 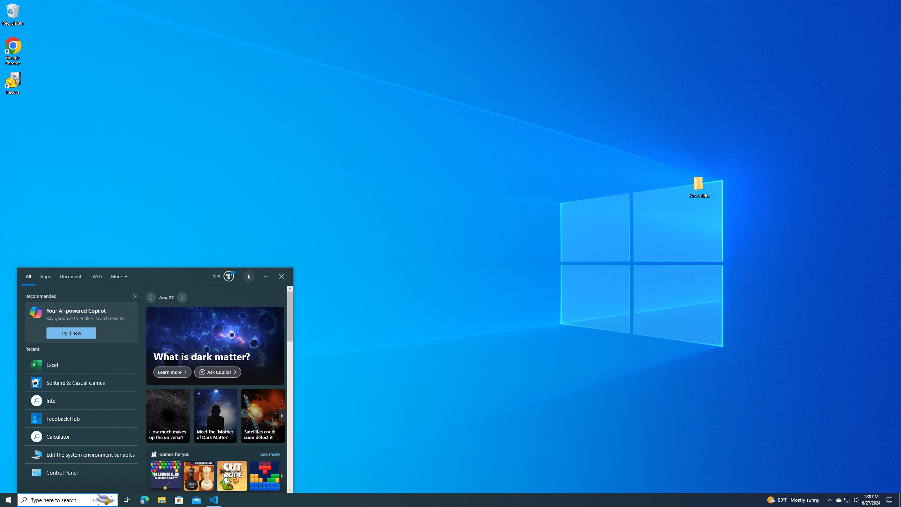 I want to click on 'Microsoft Rewards balance: 123', so click(x=223, y=276).